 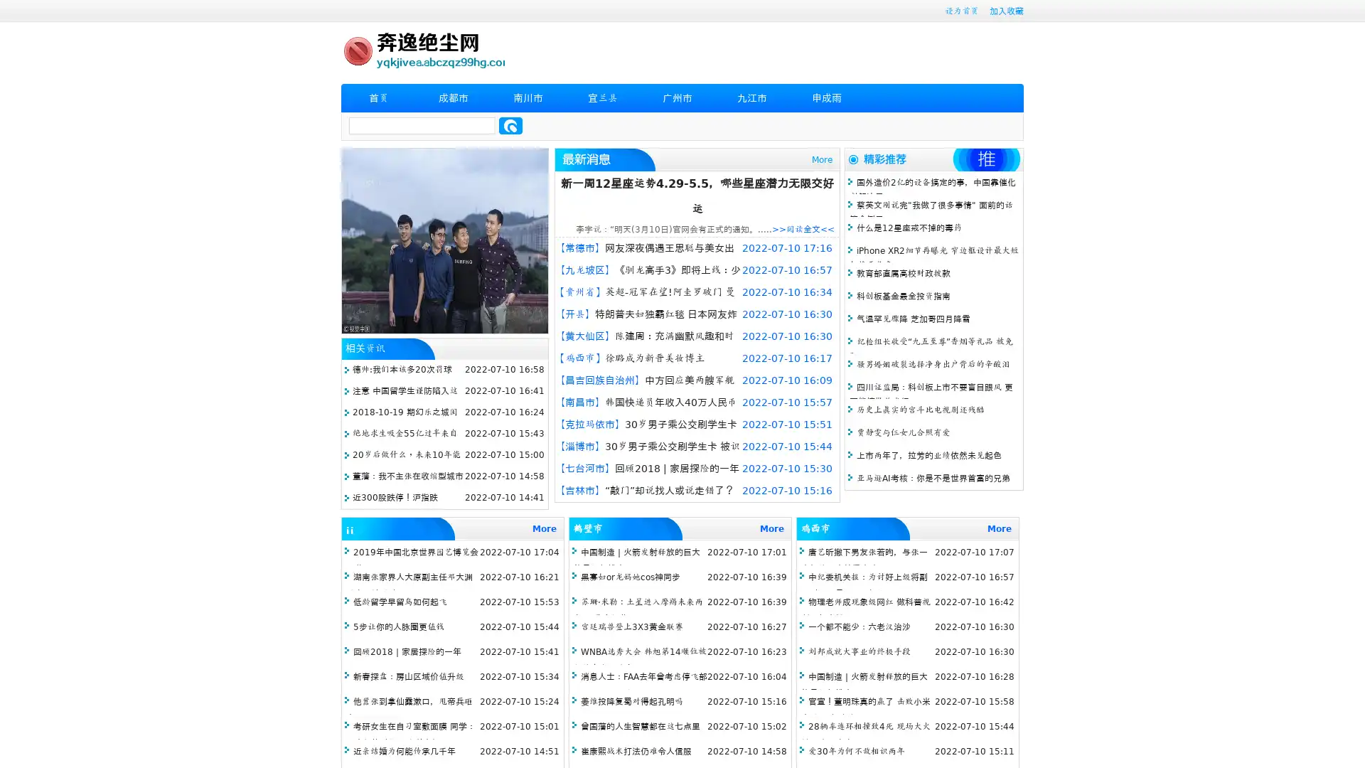 I want to click on Search, so click(x=510, y=125).